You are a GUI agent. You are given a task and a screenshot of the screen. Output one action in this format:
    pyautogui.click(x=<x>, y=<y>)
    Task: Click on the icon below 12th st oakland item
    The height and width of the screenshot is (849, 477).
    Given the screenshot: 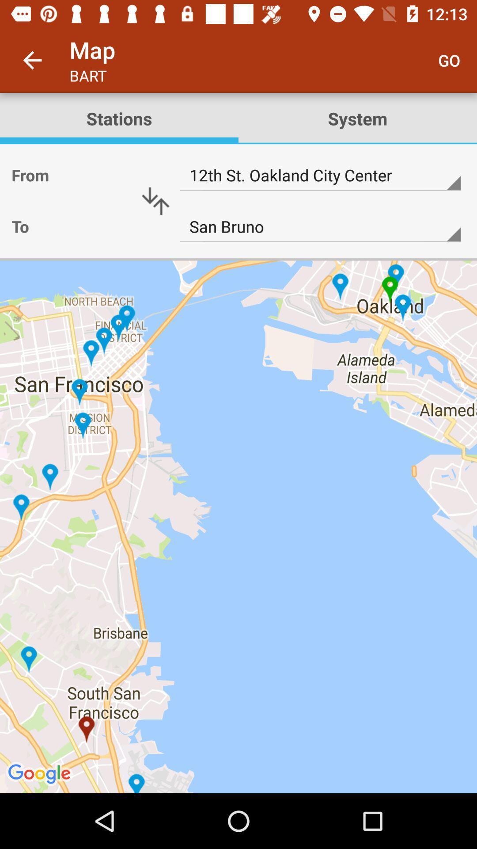 What is the action you would take?
    pyautogui.click(x=320, y=227)
    